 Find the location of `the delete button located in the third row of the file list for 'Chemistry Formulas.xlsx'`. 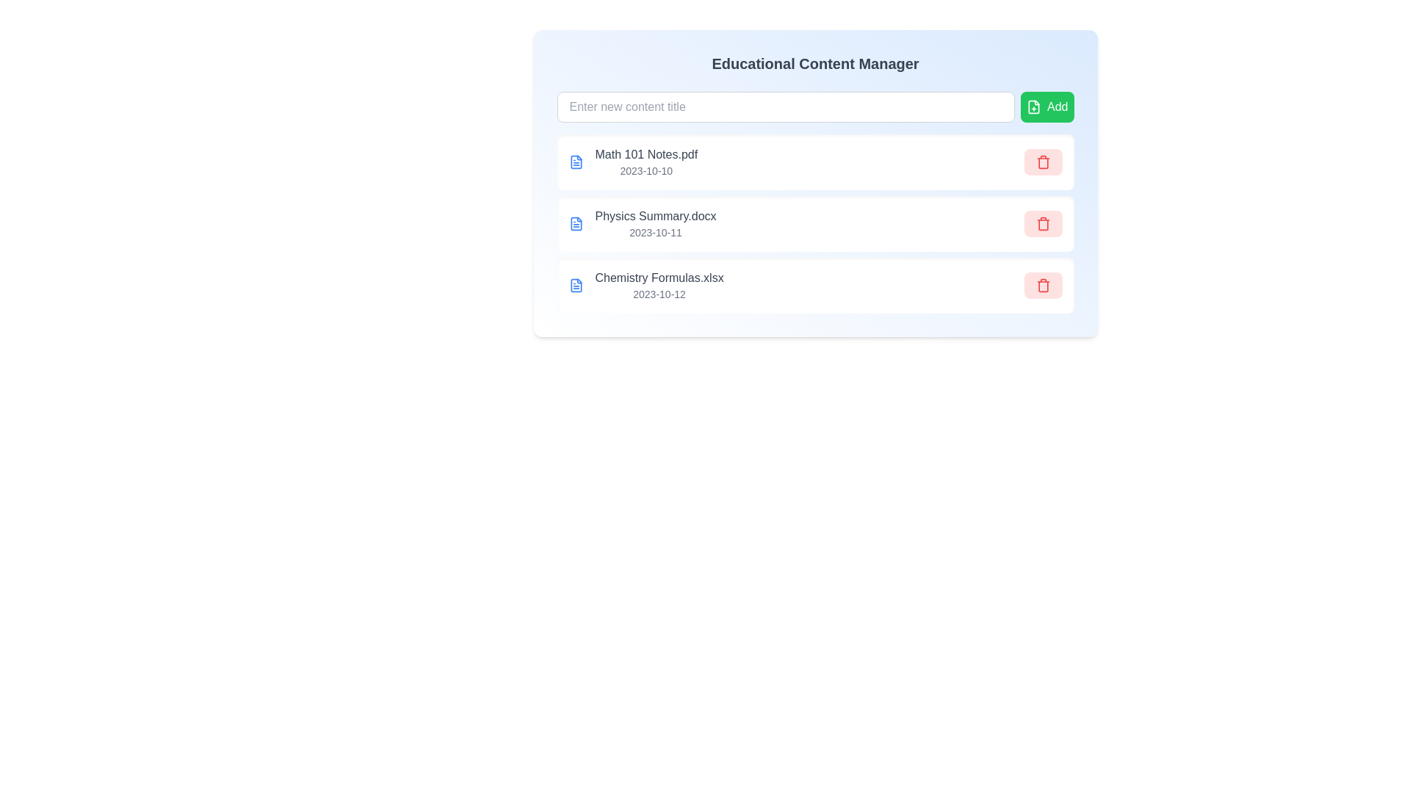

the delete button located in the third row of the file list for 'Chemistry Formulas.xlsx' is located at coordinates (1042, 286).